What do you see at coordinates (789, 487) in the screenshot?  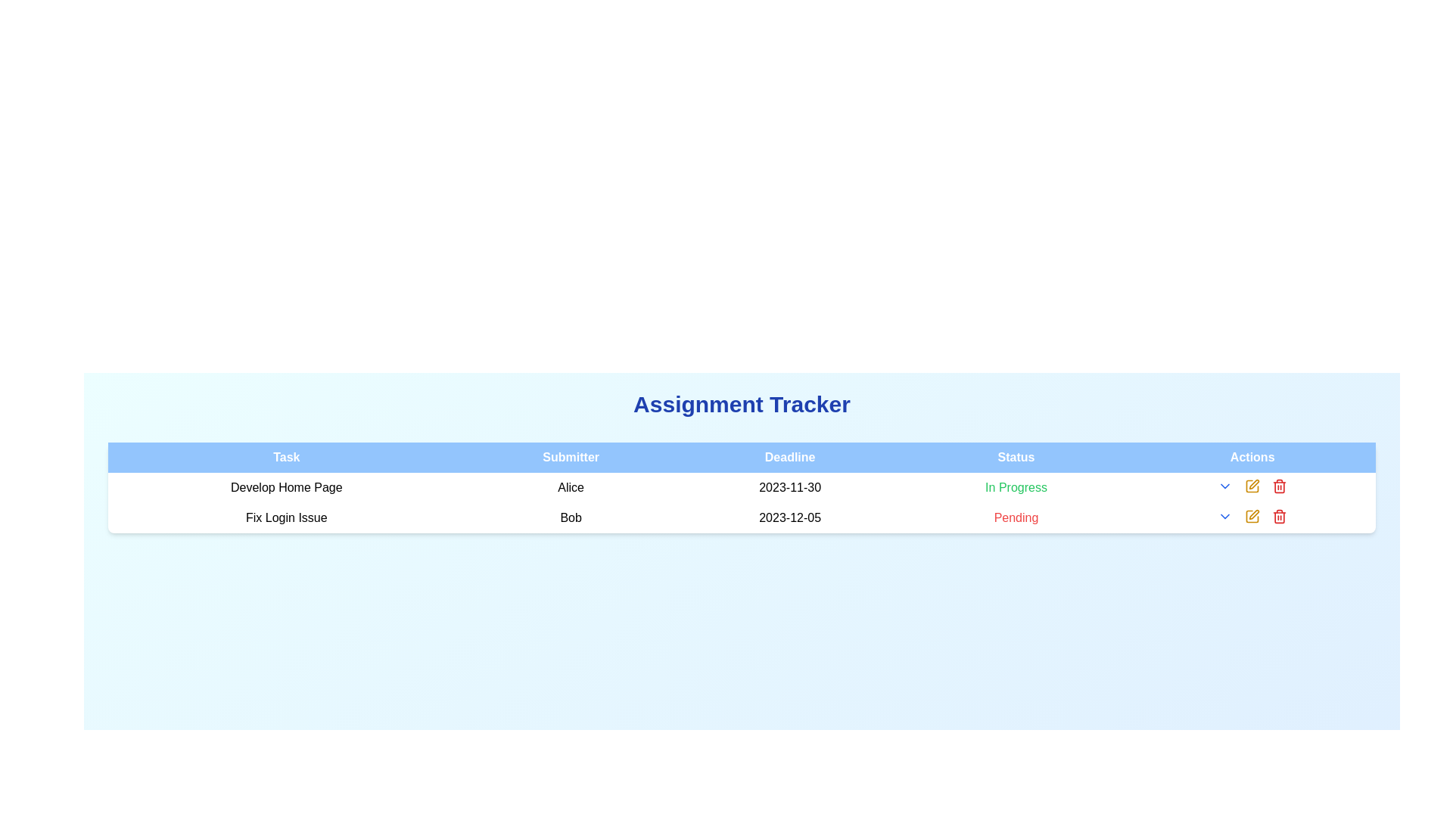 I see `value displayed in the Date field showing '2023-11-30' under the 'Deadline' column for the 'Develop Home Page' task` at bounding box center [789, 487].